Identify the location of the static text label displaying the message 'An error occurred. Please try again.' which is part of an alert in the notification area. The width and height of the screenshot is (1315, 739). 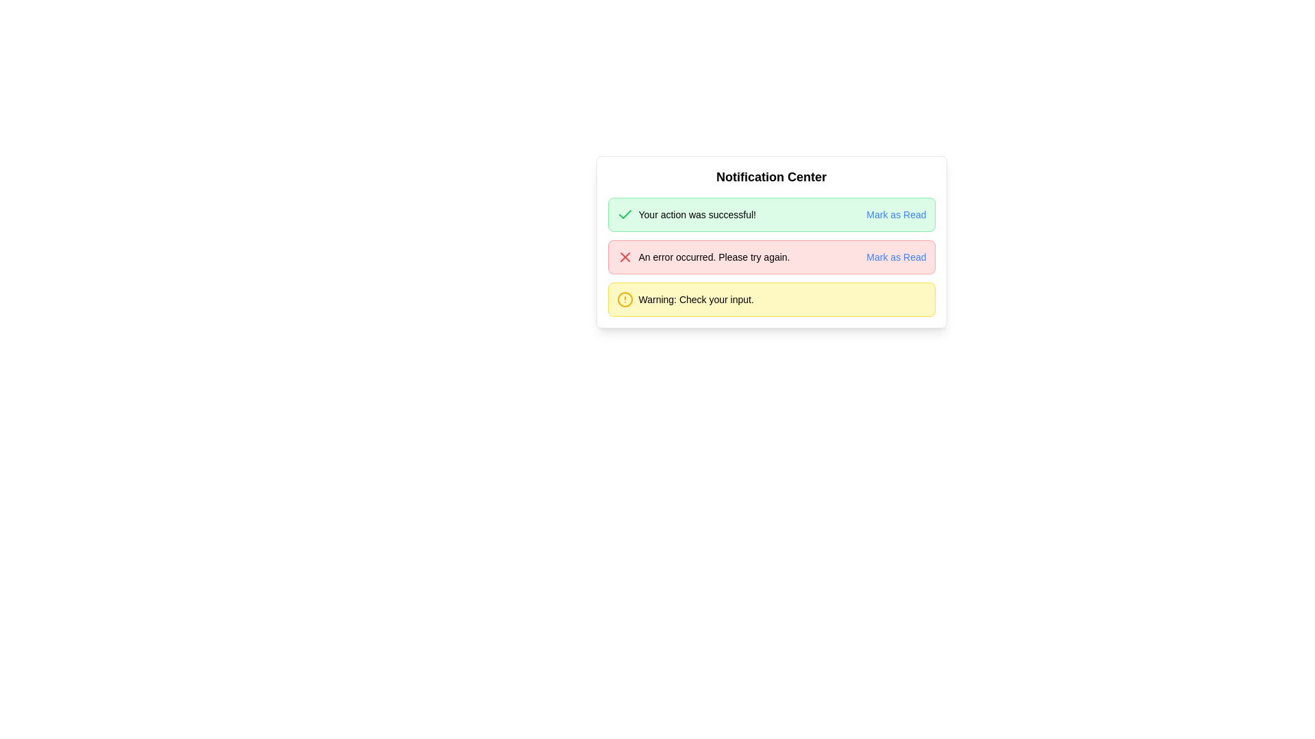
(713, 257).